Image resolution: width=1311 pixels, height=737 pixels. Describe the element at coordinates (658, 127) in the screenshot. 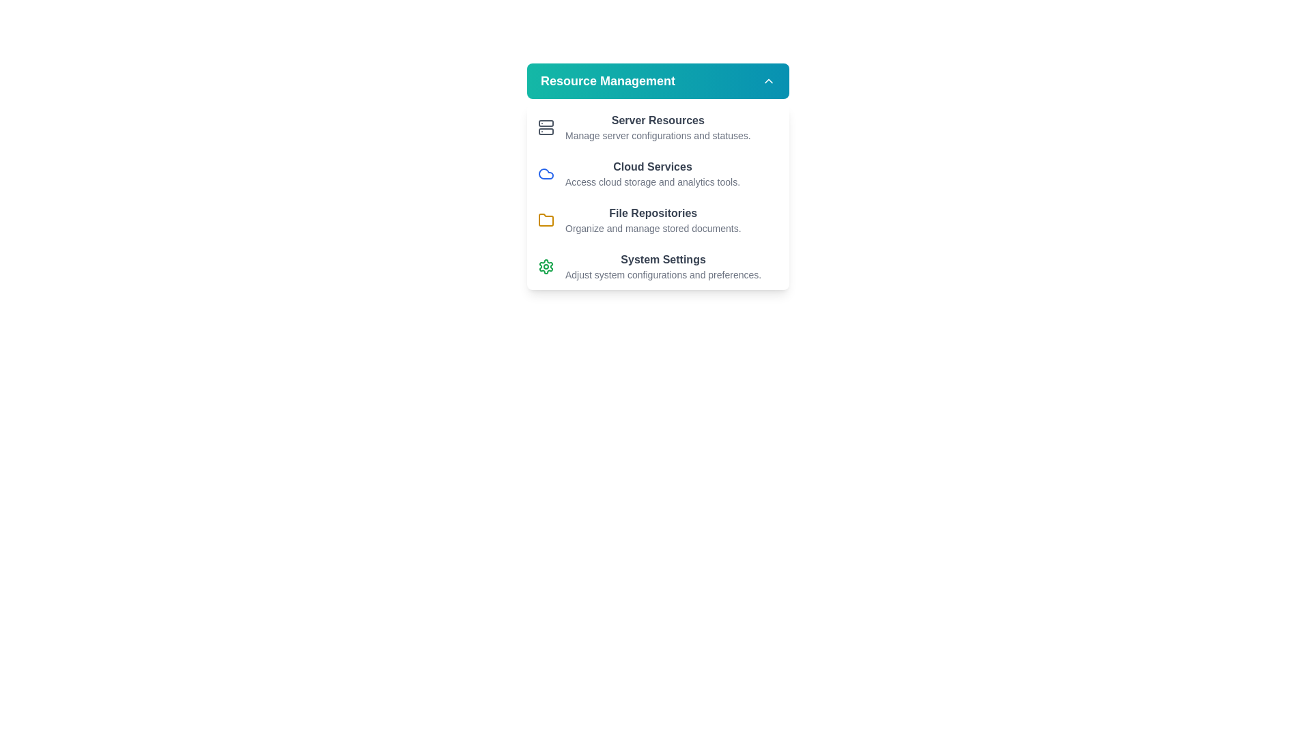

I see `the first clickable list item titled 'Server Resources' with a server icon on the left, located at the top of the dropdown menu` at that location.